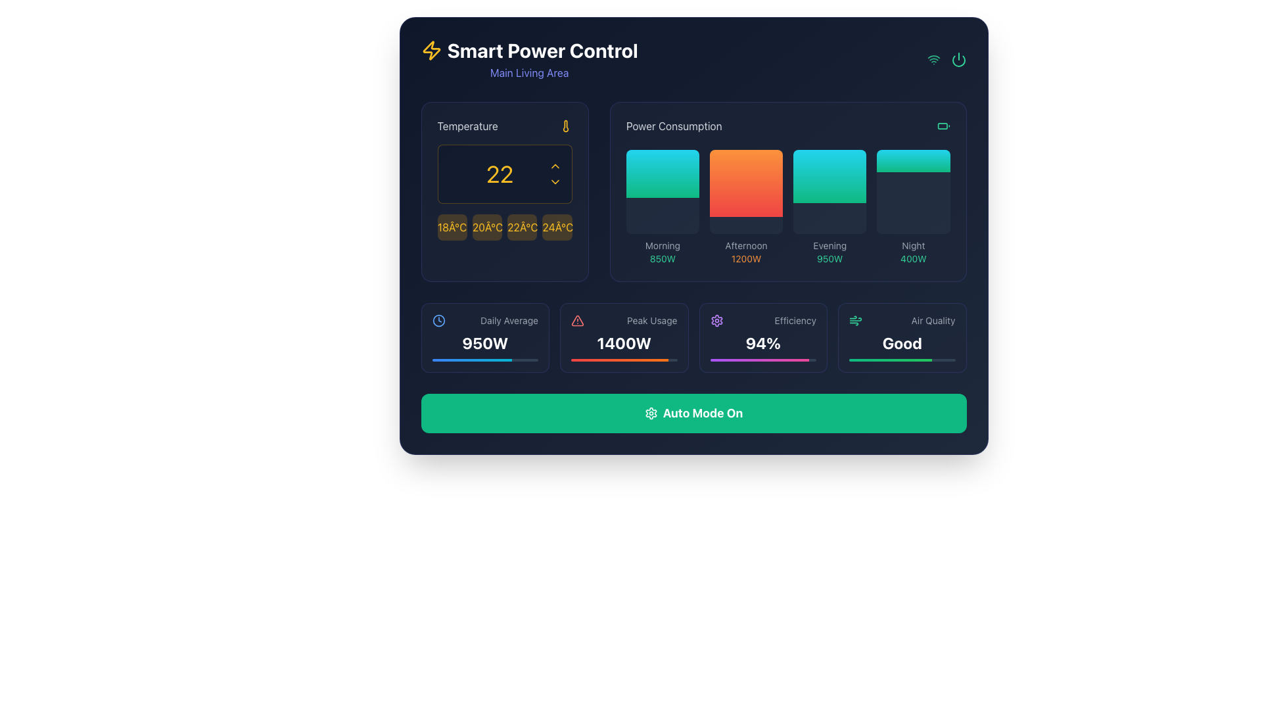 Image resolution: width=1262 pixels, height=710 pixels. What do you see at coordinates (577, 321) in the screenshot?
I see `the warning icon located in the 'Peak Usage' section, positioned to the left of the numerical value '1400W'` at bounding box center [577, 321].